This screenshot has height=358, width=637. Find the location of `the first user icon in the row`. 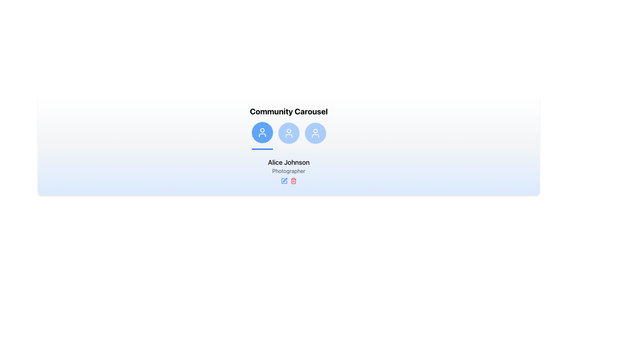

the first user icon in the row is located at coordinates (262, 135).